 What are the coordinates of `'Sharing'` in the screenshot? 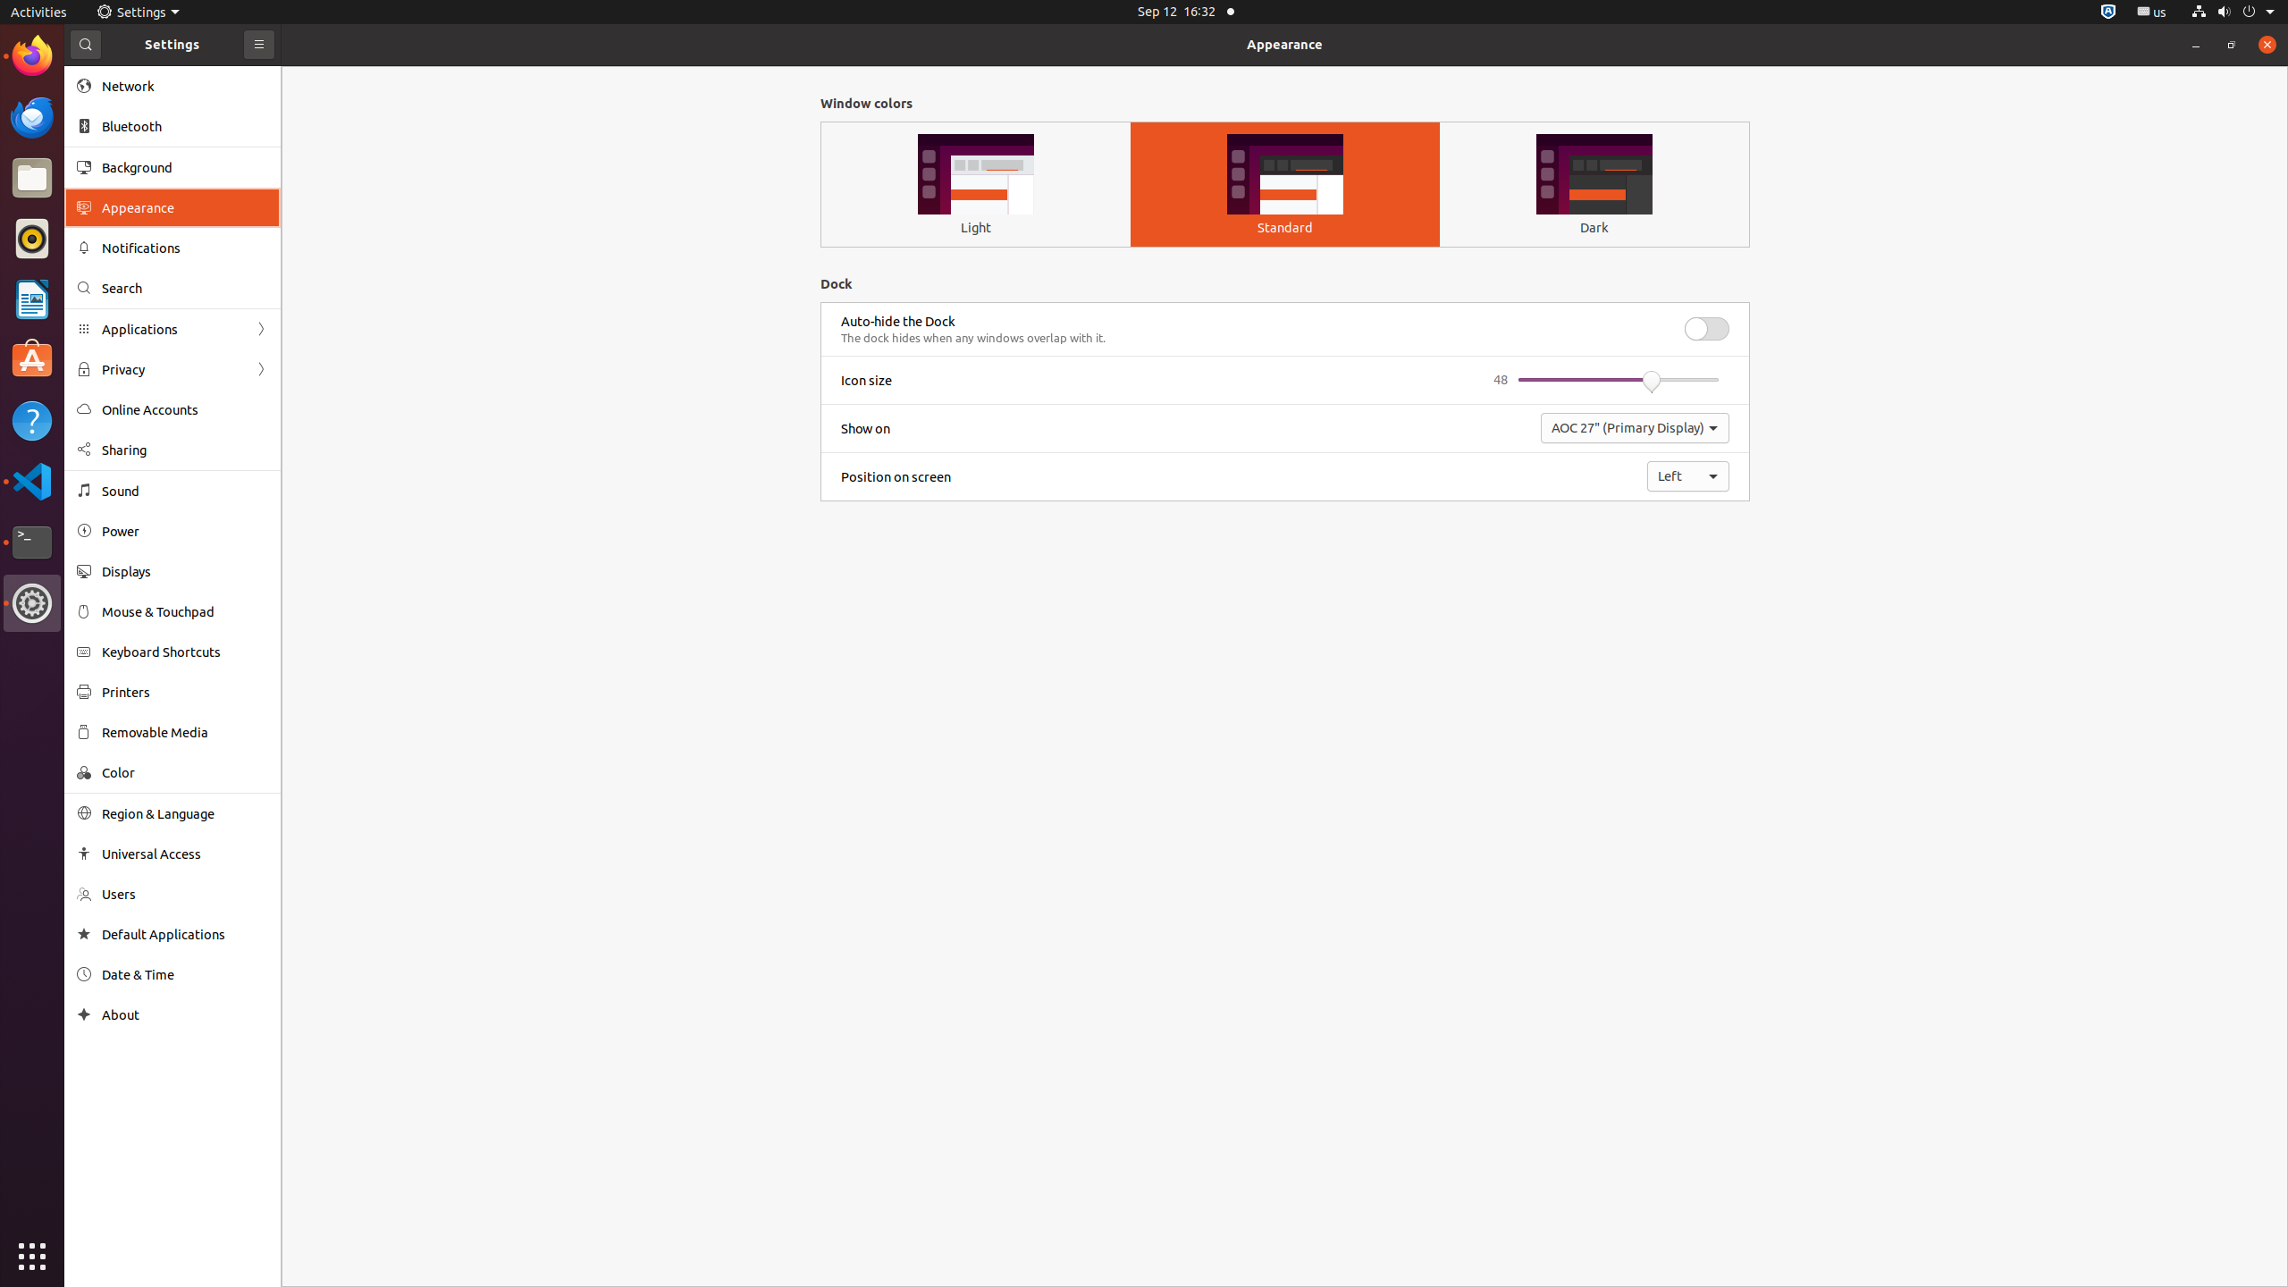 It's located at (185, 449).